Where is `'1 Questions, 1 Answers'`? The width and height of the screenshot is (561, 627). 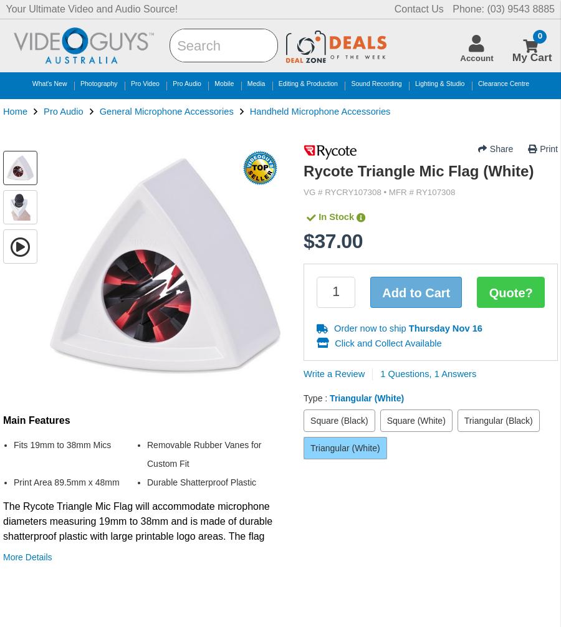
'1 Questions, 1 Answers' is located at coordinates (427, 373).